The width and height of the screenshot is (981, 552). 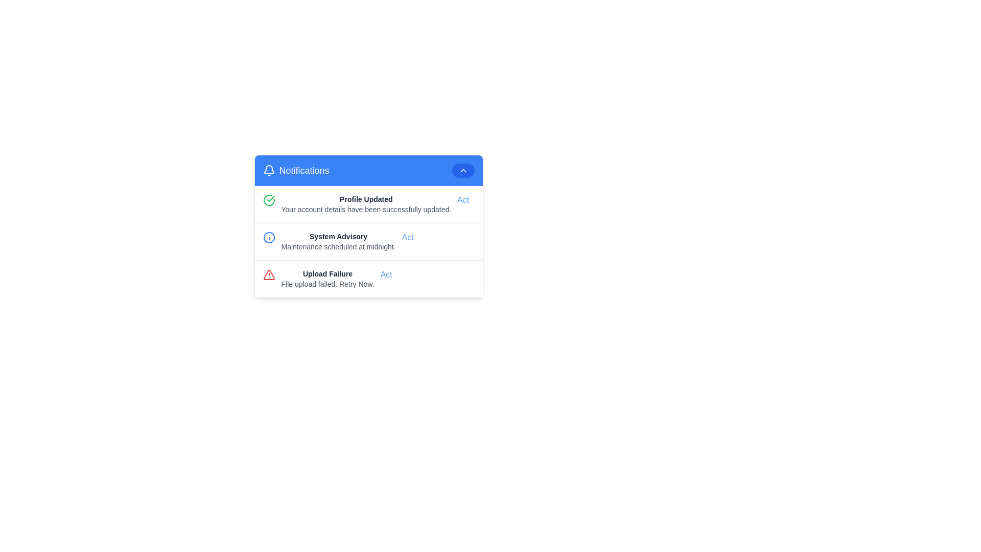 What do you see at coordinates (328, 284) in the screenshot?
I see `the status message indicating a failed file upload located within the notification card, immediately below the bold text 'Upload Failure'` at bounding box center [328, 284].